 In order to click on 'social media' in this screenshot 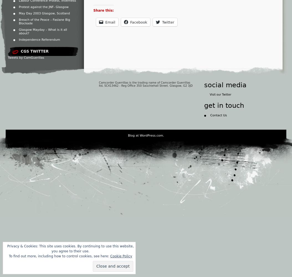, I will do `click(225, 85)`.